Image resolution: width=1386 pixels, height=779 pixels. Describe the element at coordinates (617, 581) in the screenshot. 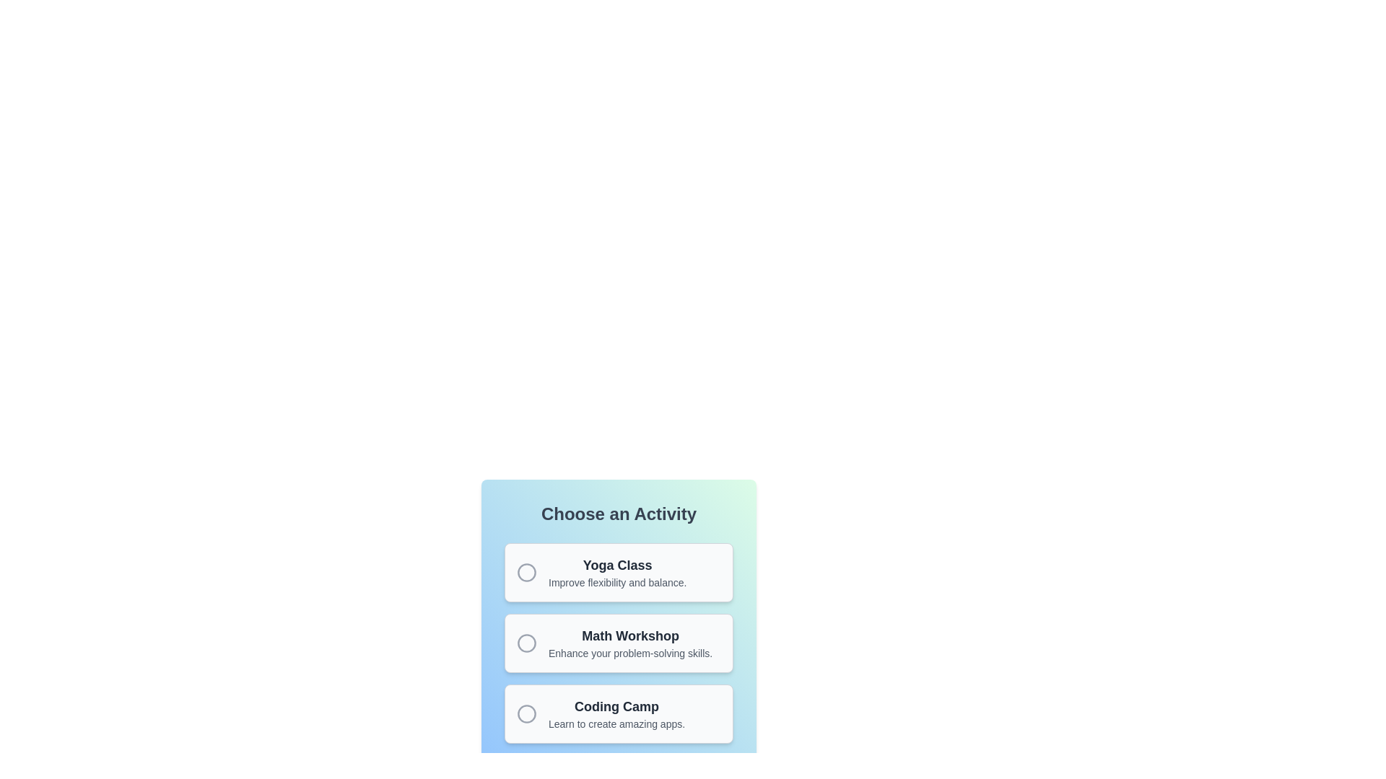

I see `the descriptive text label that elaborates on the 'Yoga Class' activity, which is positioned directly below the title 'Yoga Class' in the top part of the interface` at that location.